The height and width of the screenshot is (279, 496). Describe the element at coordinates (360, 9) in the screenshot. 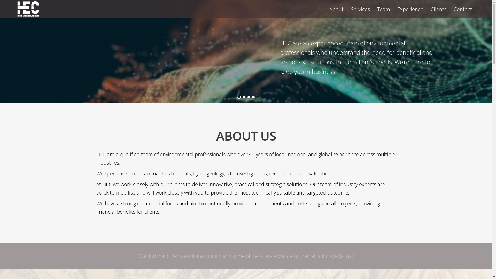

I see `'Services'` at that location.